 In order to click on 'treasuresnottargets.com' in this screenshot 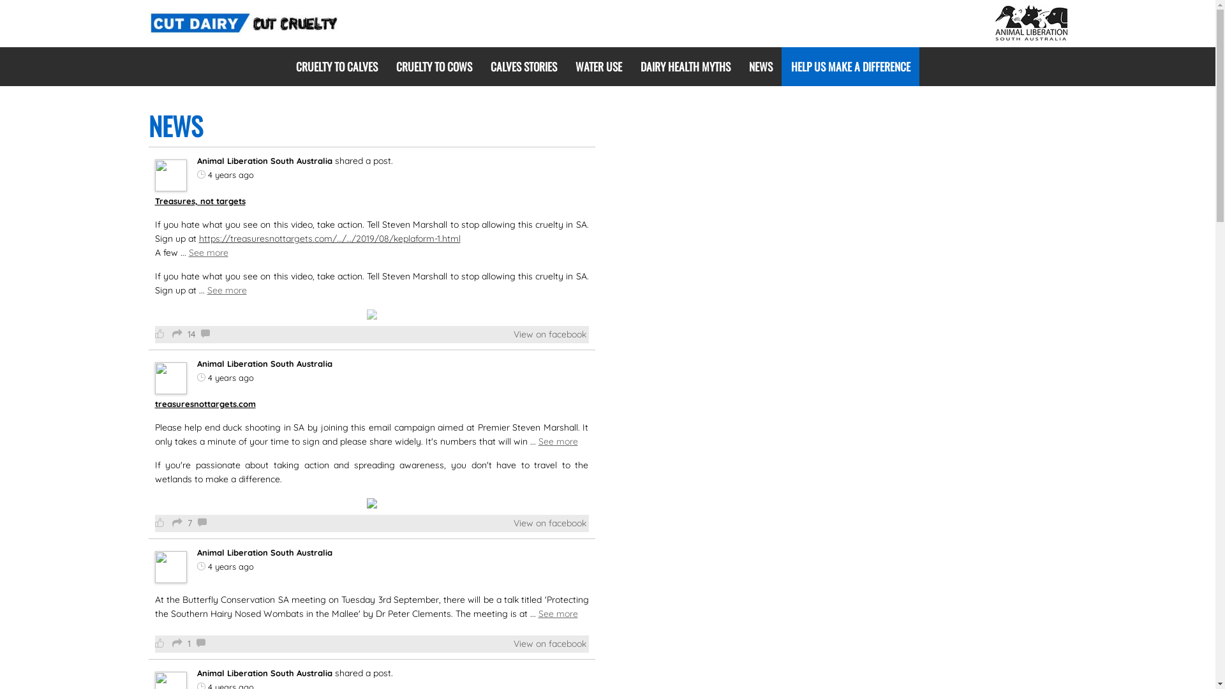, I will do `click(205, 403)`.